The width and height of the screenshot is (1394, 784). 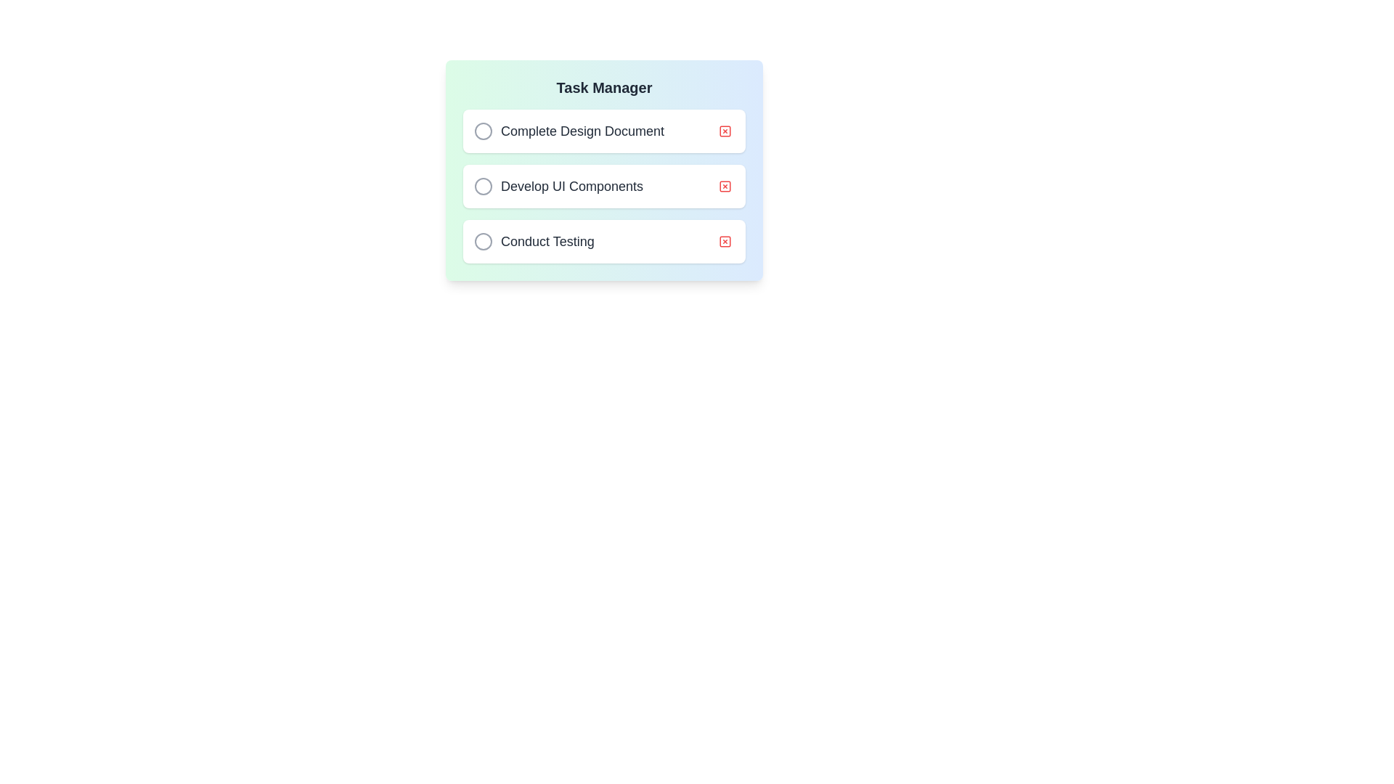 I want to click on the delete icon, which is part of the delete button for the task titled 'Develop UI Components' in the second position of the vertical task list, so click(x=725, y=186).